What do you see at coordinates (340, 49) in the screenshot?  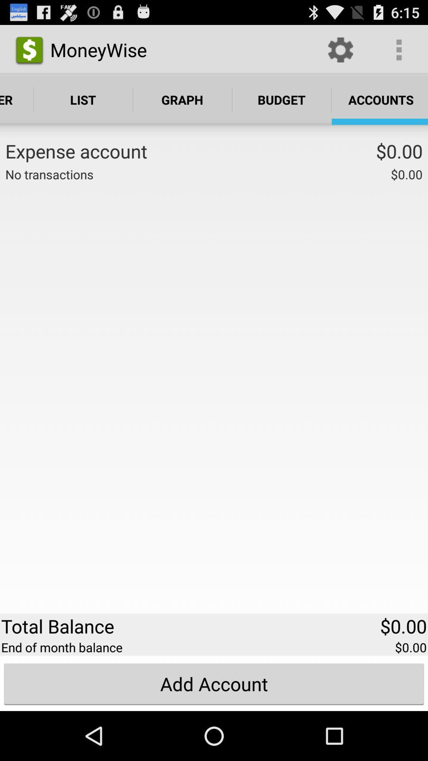 I see `icon above accounts` at bounding box center [340, 49].